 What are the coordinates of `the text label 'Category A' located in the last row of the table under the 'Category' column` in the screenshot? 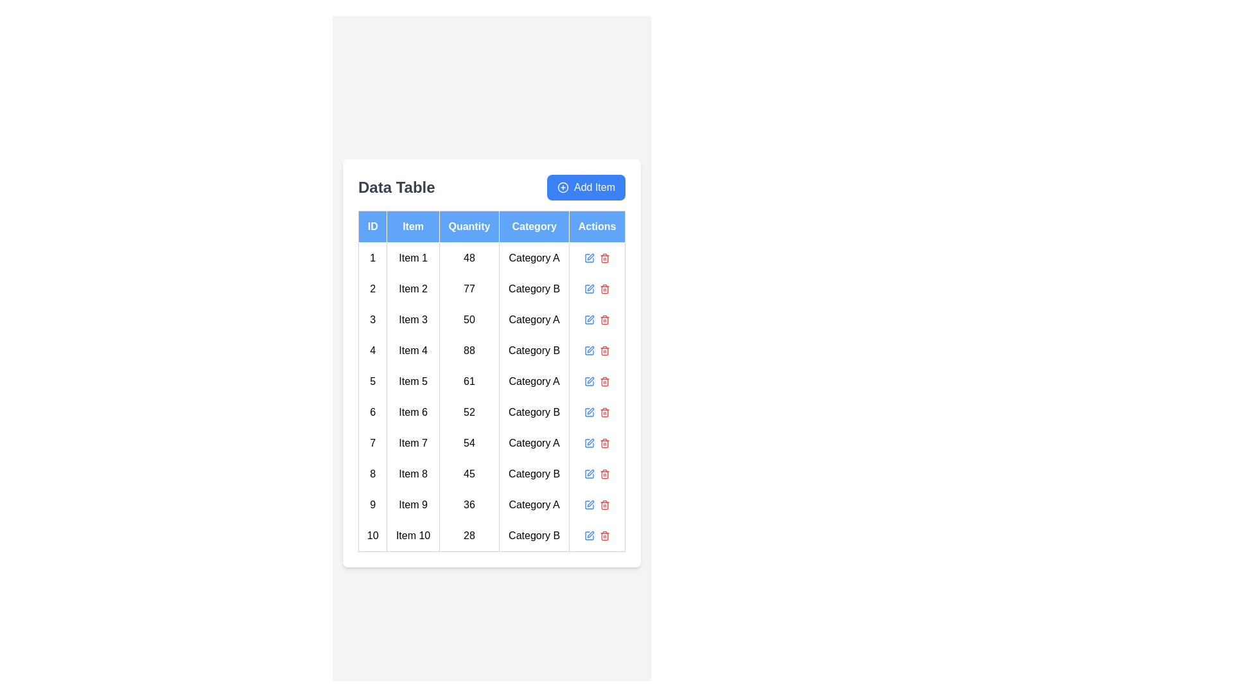 It's located at (534, 504).